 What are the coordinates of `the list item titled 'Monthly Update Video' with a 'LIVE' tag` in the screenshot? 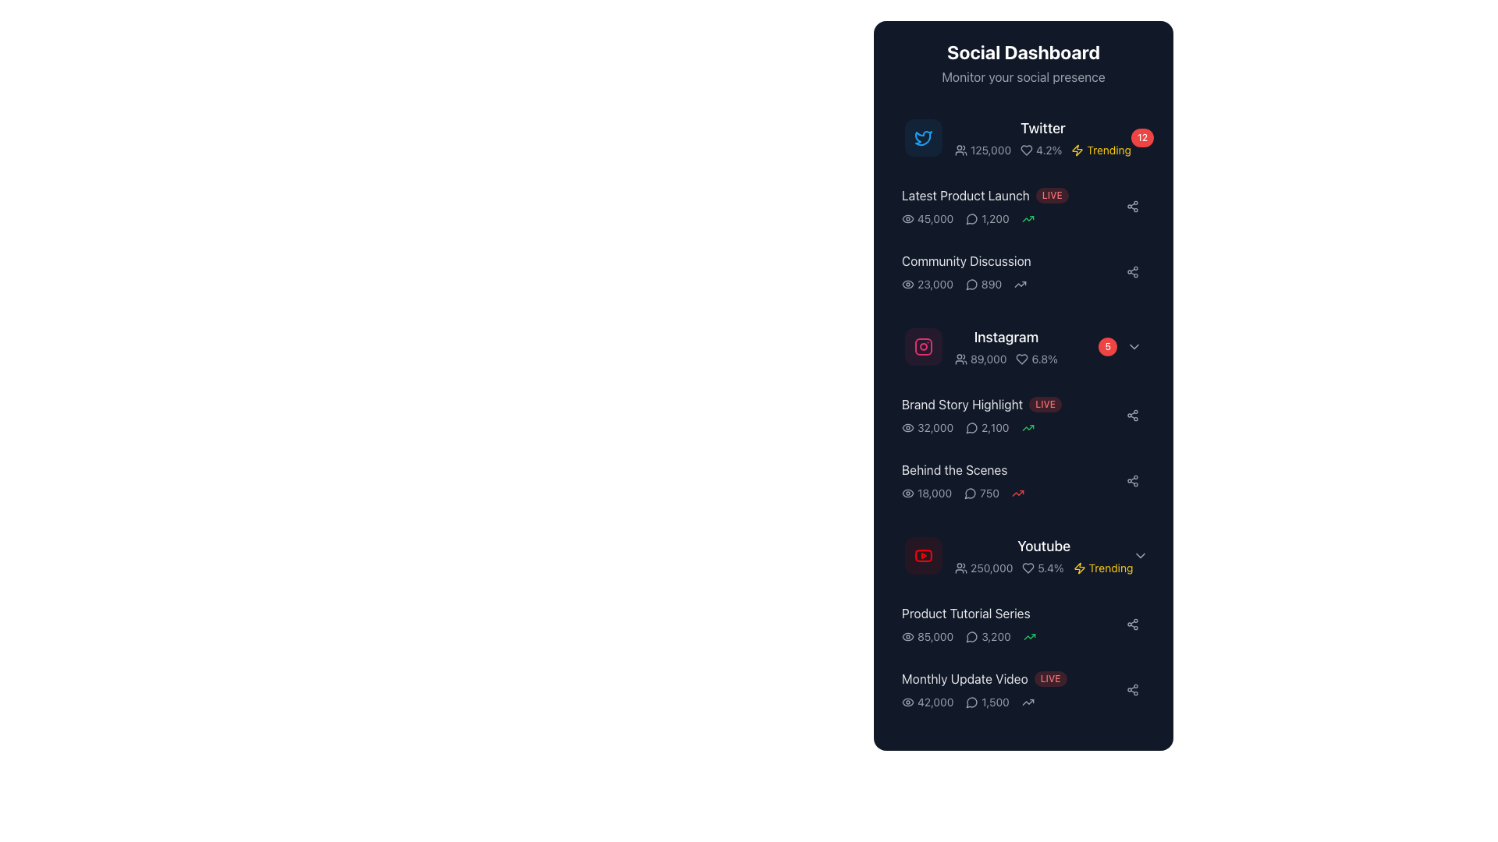 It's located at (1023, 688).